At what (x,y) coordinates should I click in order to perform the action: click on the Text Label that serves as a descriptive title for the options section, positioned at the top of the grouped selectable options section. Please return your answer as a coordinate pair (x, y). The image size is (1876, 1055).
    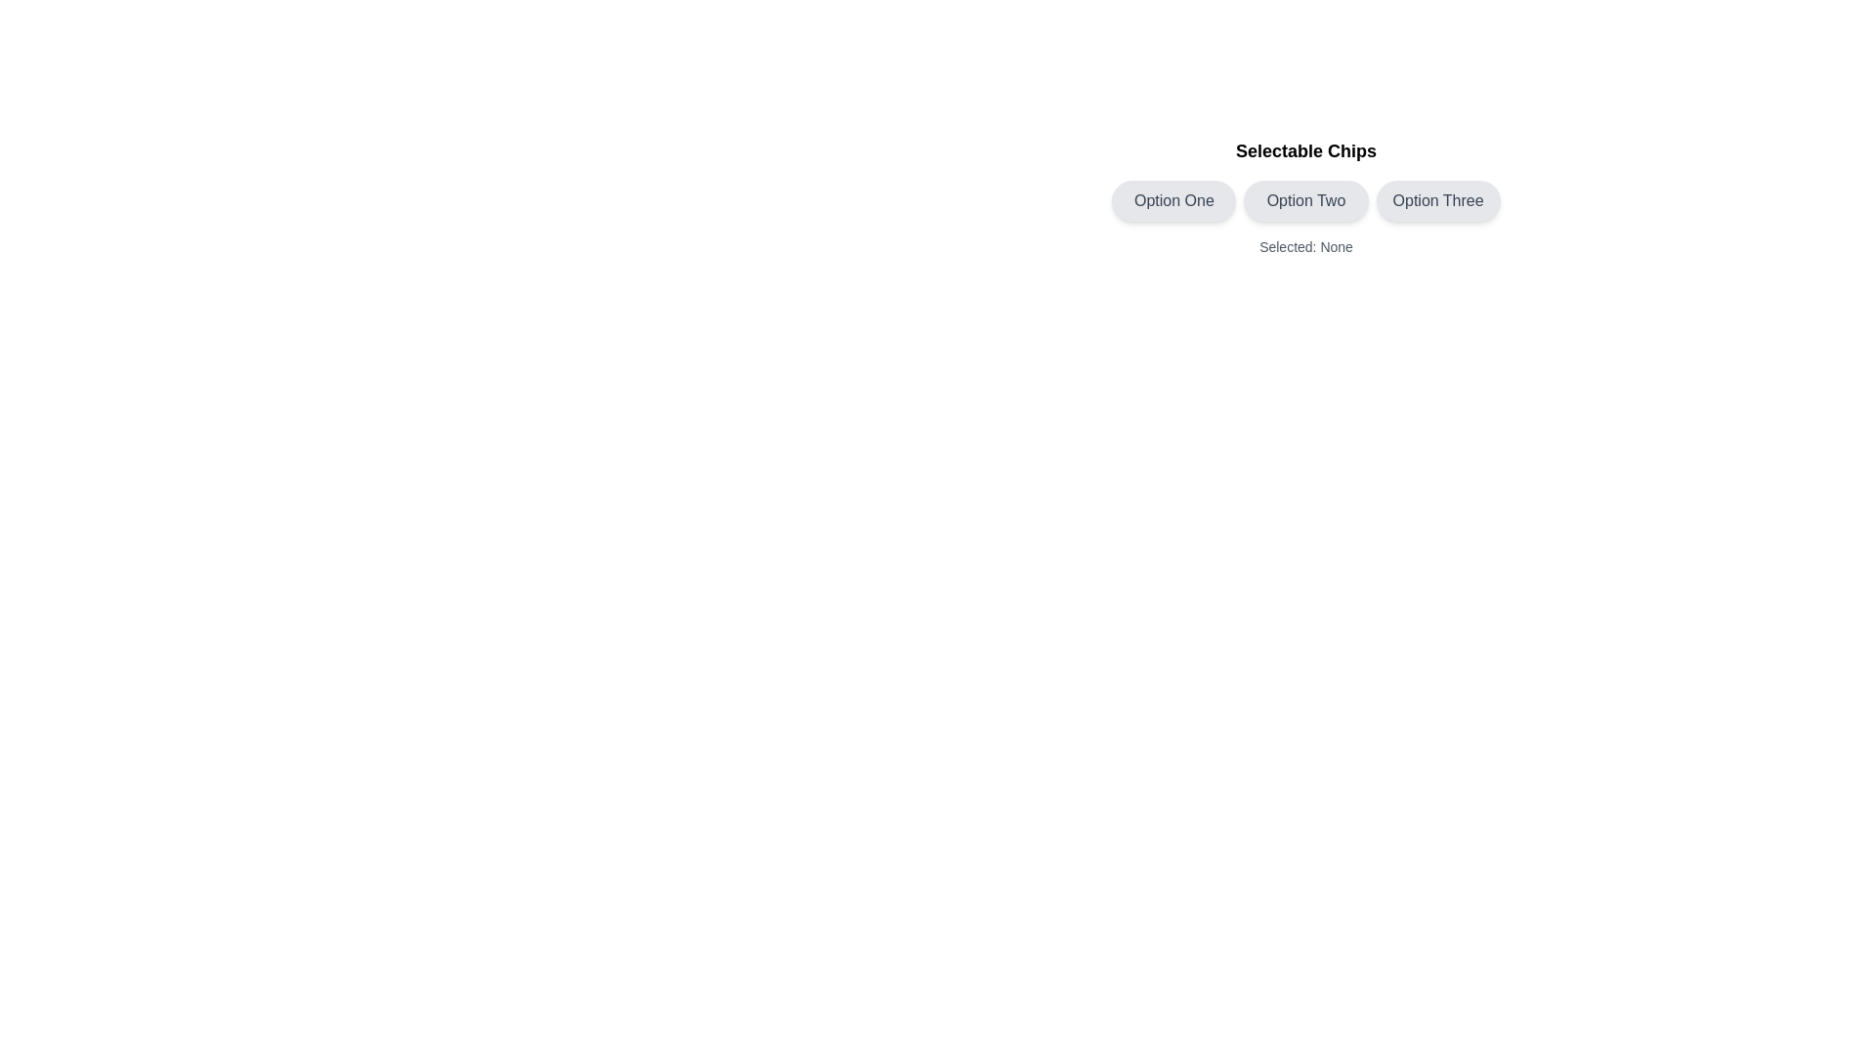
    Looking at the image, I should click on (1306, 149).